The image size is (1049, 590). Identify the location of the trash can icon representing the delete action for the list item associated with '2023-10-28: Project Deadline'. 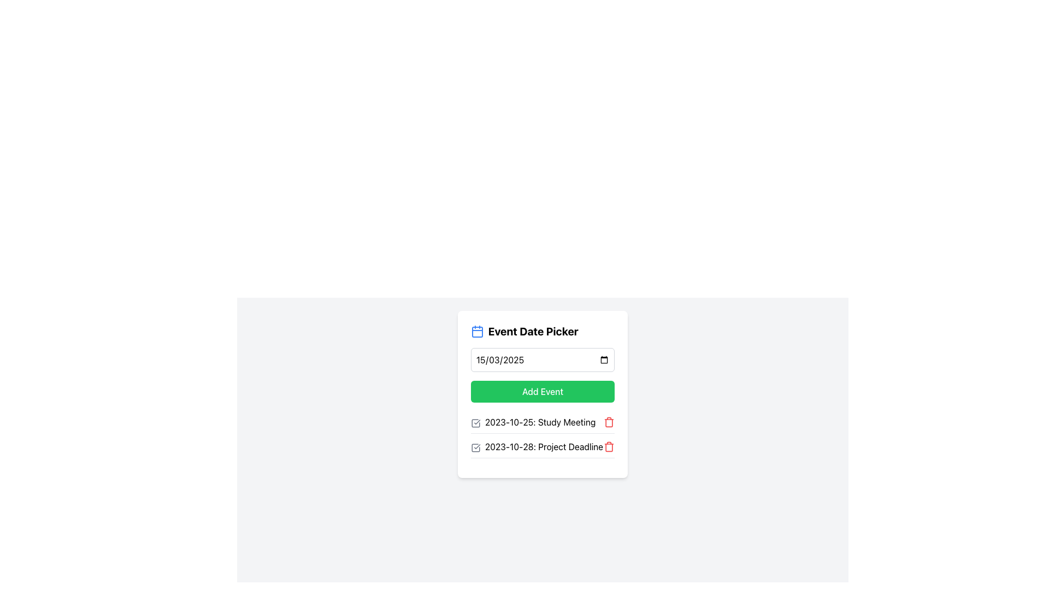
(609, 447).